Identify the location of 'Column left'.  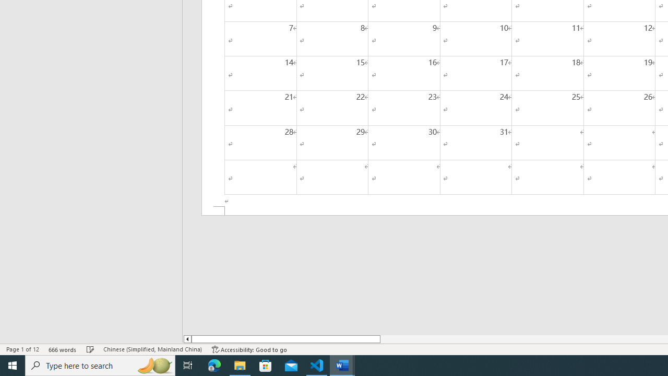
(187, 339).